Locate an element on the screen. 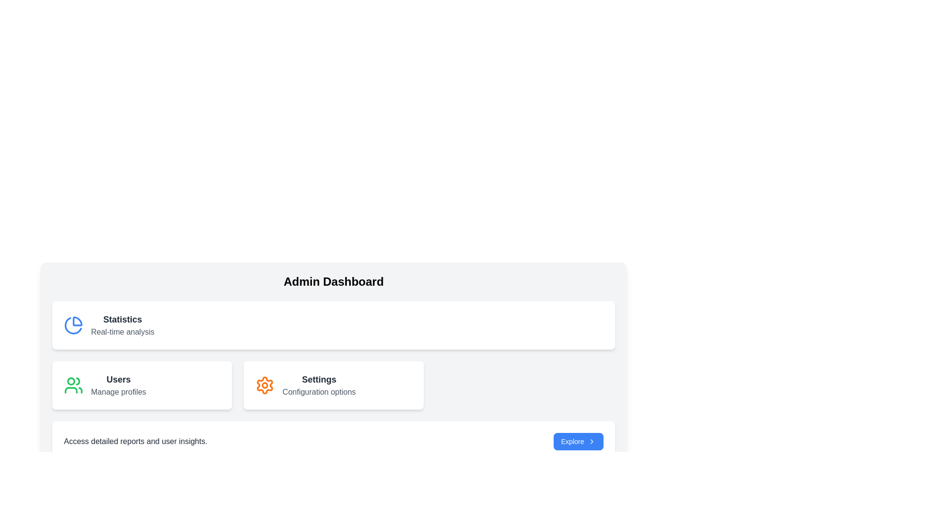 The image size is (930, 523). the text label providing additional information beneath the 'Statistics' label, which is part of the real-time analysis interface is located at coordinates (122, 332).